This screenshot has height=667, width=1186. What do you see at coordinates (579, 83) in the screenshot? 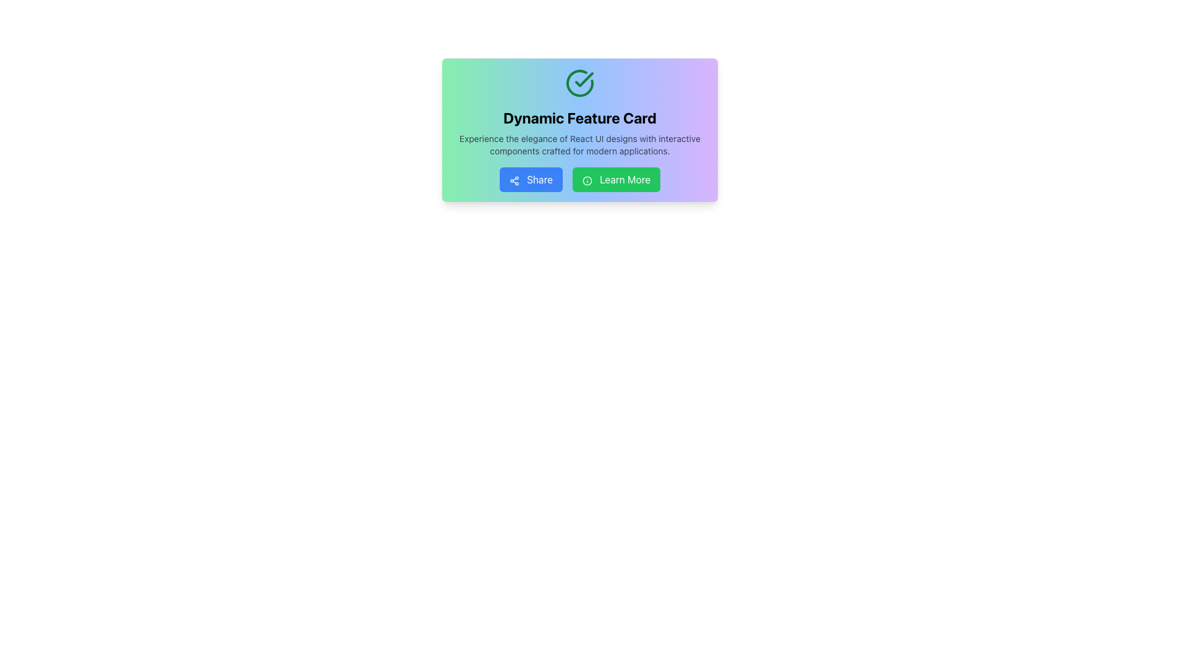
I see `the green checkmark icon enclosed in a circular outline, which symbolizes a positive or confirmed state, located above the main heading 'Dynamic Feature Card'` at bounding box center [579, 83].